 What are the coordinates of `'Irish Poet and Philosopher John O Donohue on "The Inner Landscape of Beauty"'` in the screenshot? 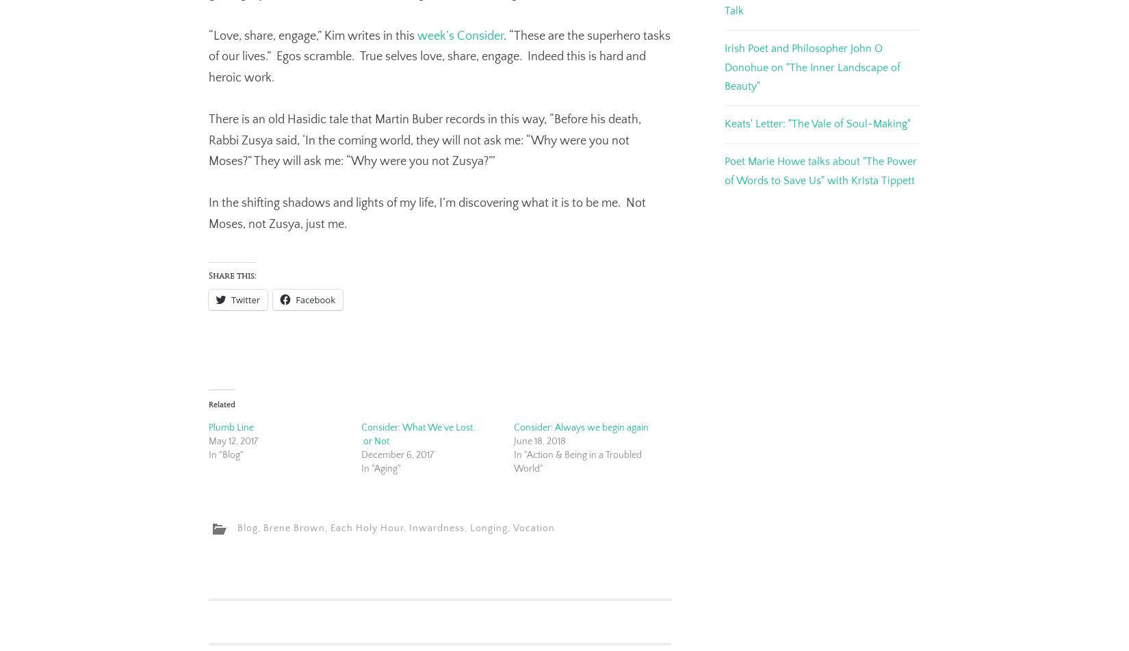 It's located at (812, 66).